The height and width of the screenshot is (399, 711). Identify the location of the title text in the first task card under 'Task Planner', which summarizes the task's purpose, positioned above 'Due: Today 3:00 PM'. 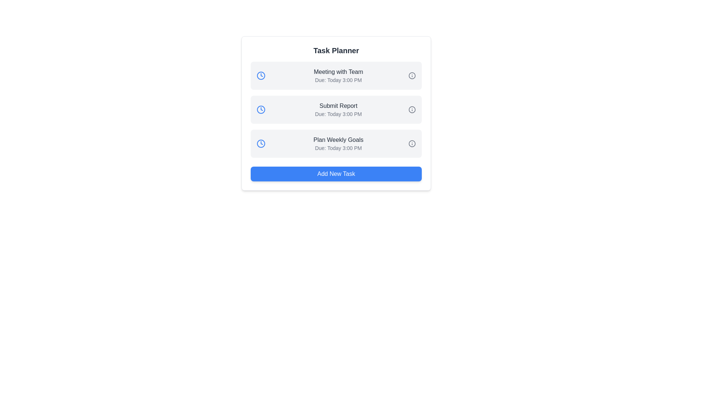
(338, 72).